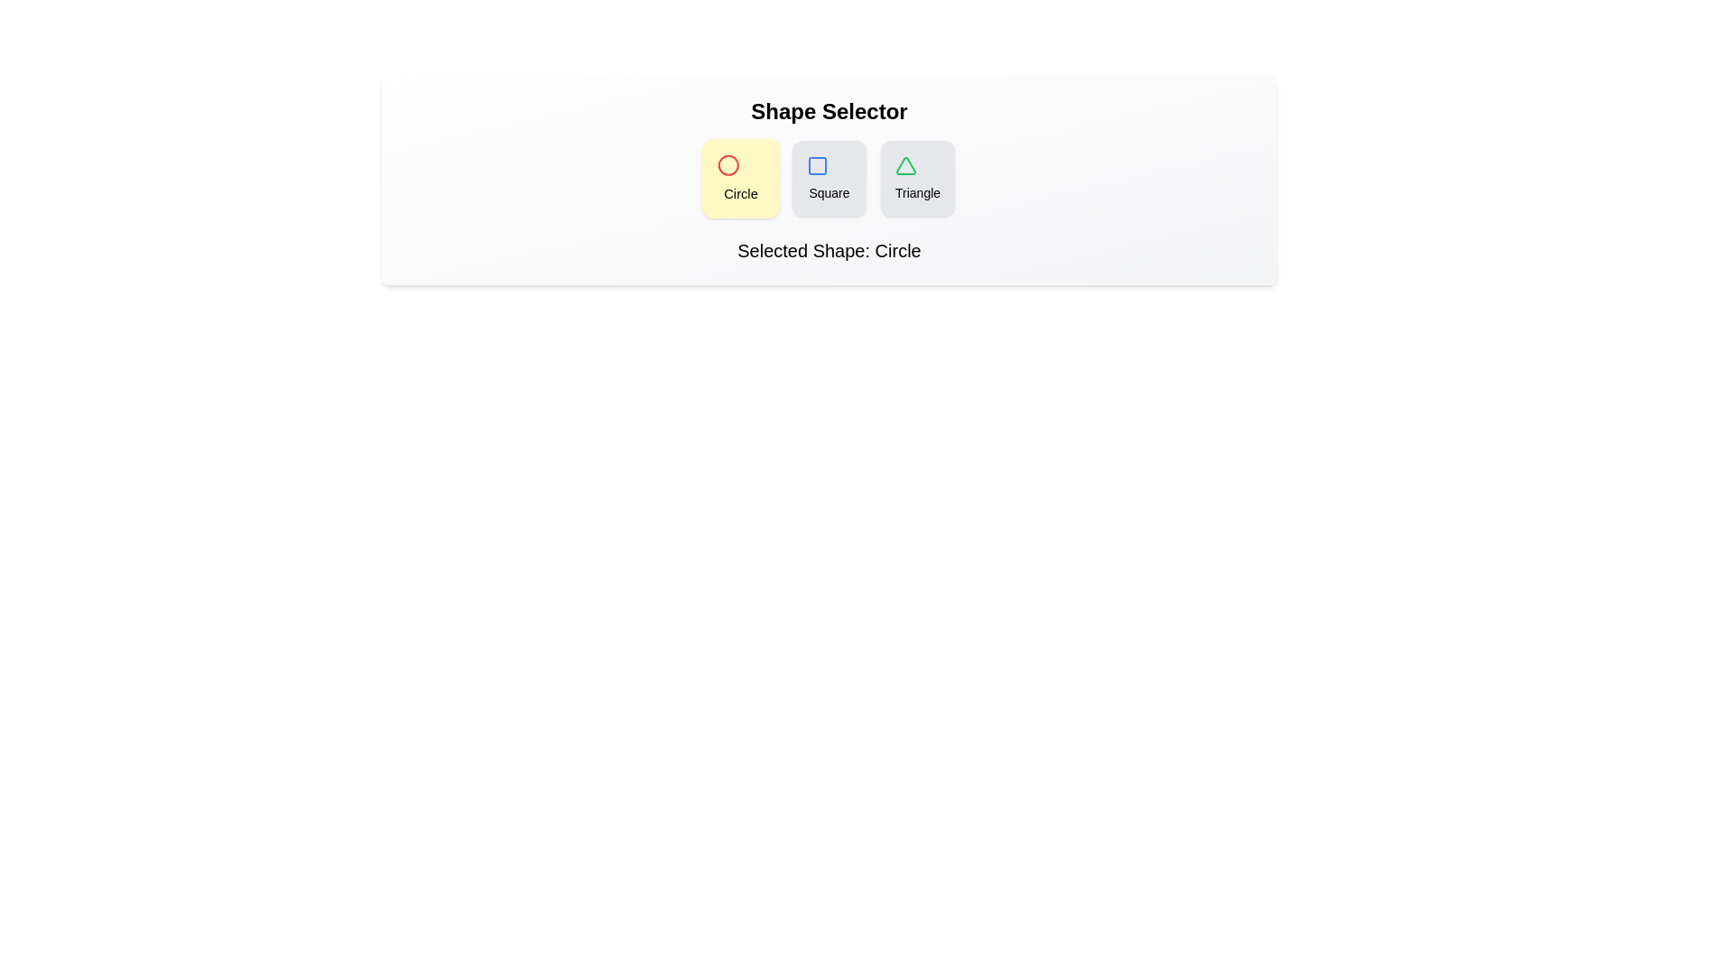 The image size is (1733, 975). I want to click on the button corresponding to Triangle to select it, so click(918, 178).